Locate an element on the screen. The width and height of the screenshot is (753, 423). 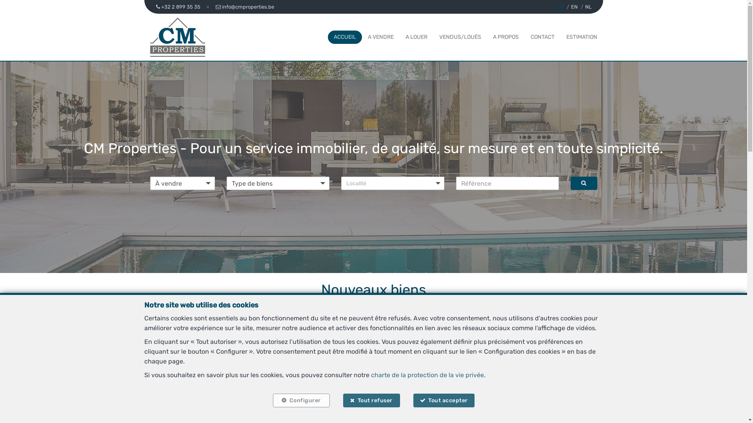
'A LOUER' is located at coordinates (405, 37).